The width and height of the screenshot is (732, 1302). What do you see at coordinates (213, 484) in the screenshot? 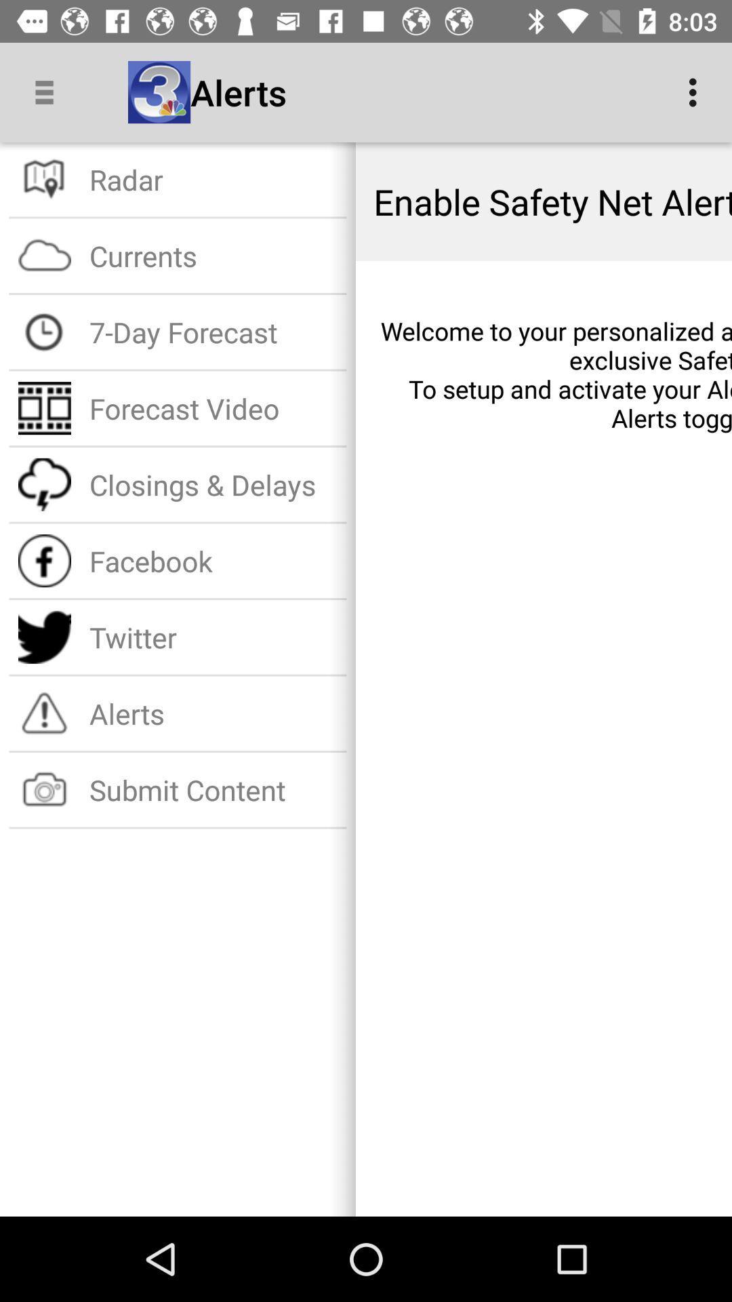
I see `icon above facebook` at bounding box center [213, 484].